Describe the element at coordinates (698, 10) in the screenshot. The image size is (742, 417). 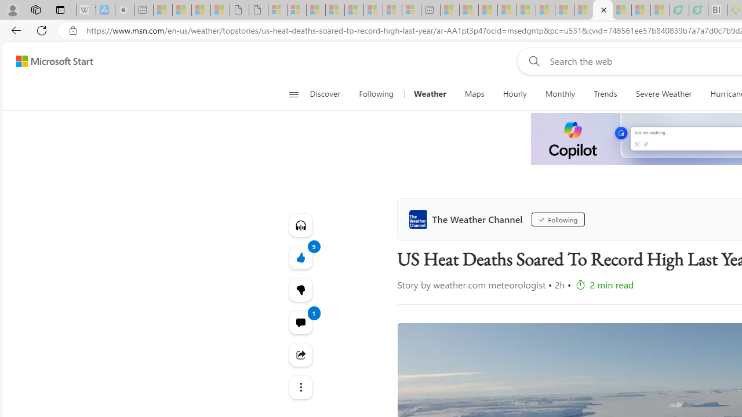
I see `'LendingTree - Compare Lenders - Sleeping'` at that location.